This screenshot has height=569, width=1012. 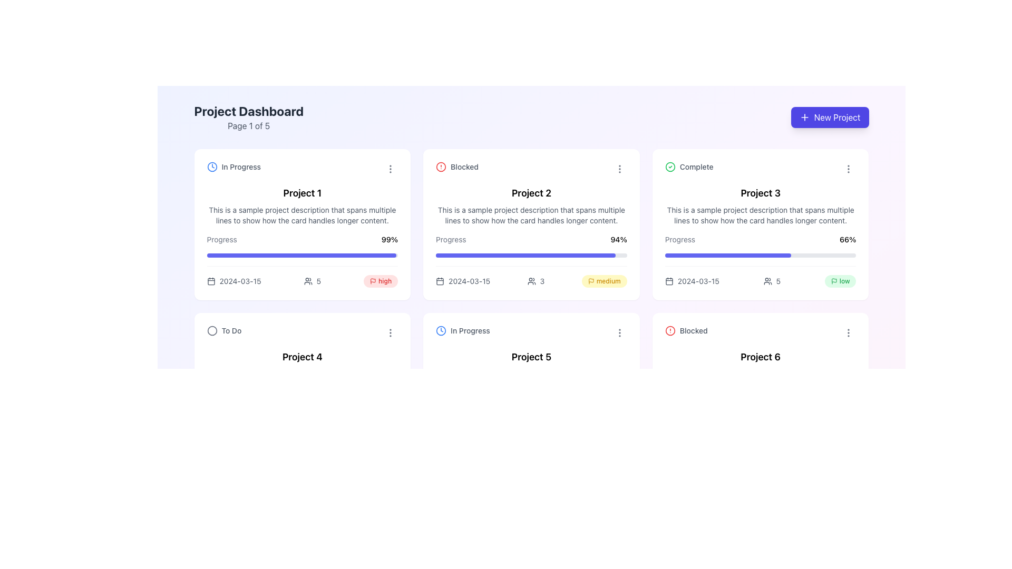 What do you see at coordinates (240, 166) in the screenshot?
I see `the text label 'In Progress' which is styled in gray color and positioned within the 'Project 1' card, alongside a clock icon` at bounding box center [240, 166].